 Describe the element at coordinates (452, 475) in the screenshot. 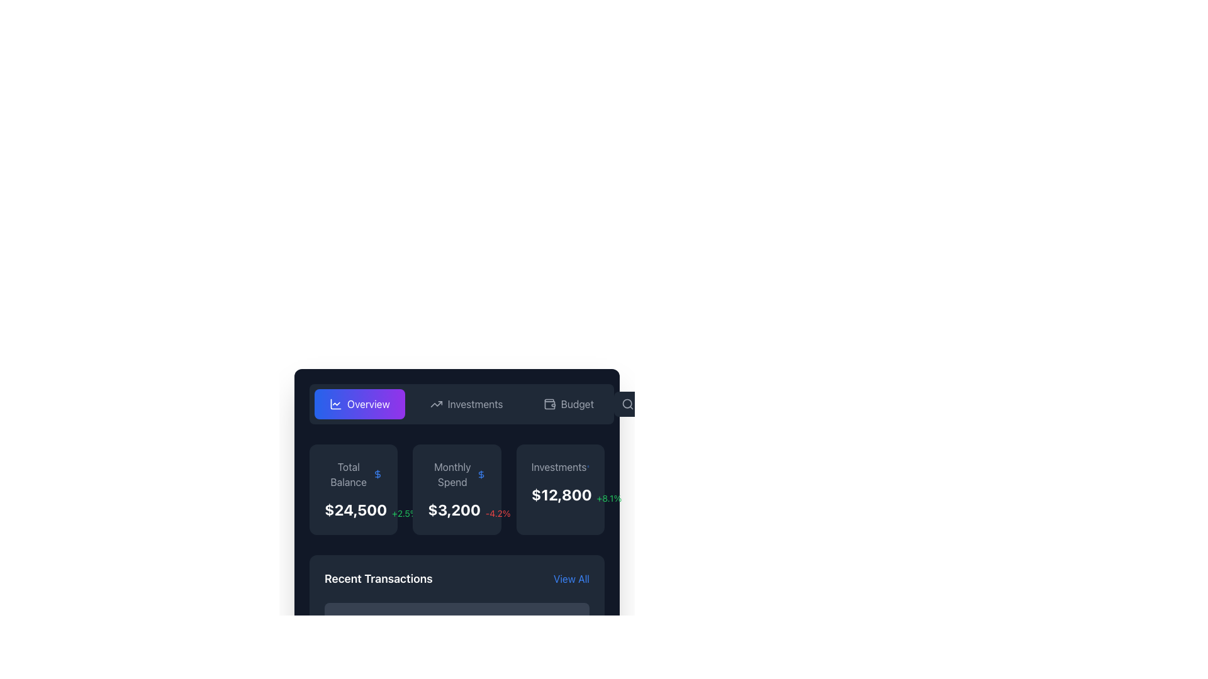

I see `'Monthly Spend' text label located at the upper section of the card, styled in light gray color` at that location.